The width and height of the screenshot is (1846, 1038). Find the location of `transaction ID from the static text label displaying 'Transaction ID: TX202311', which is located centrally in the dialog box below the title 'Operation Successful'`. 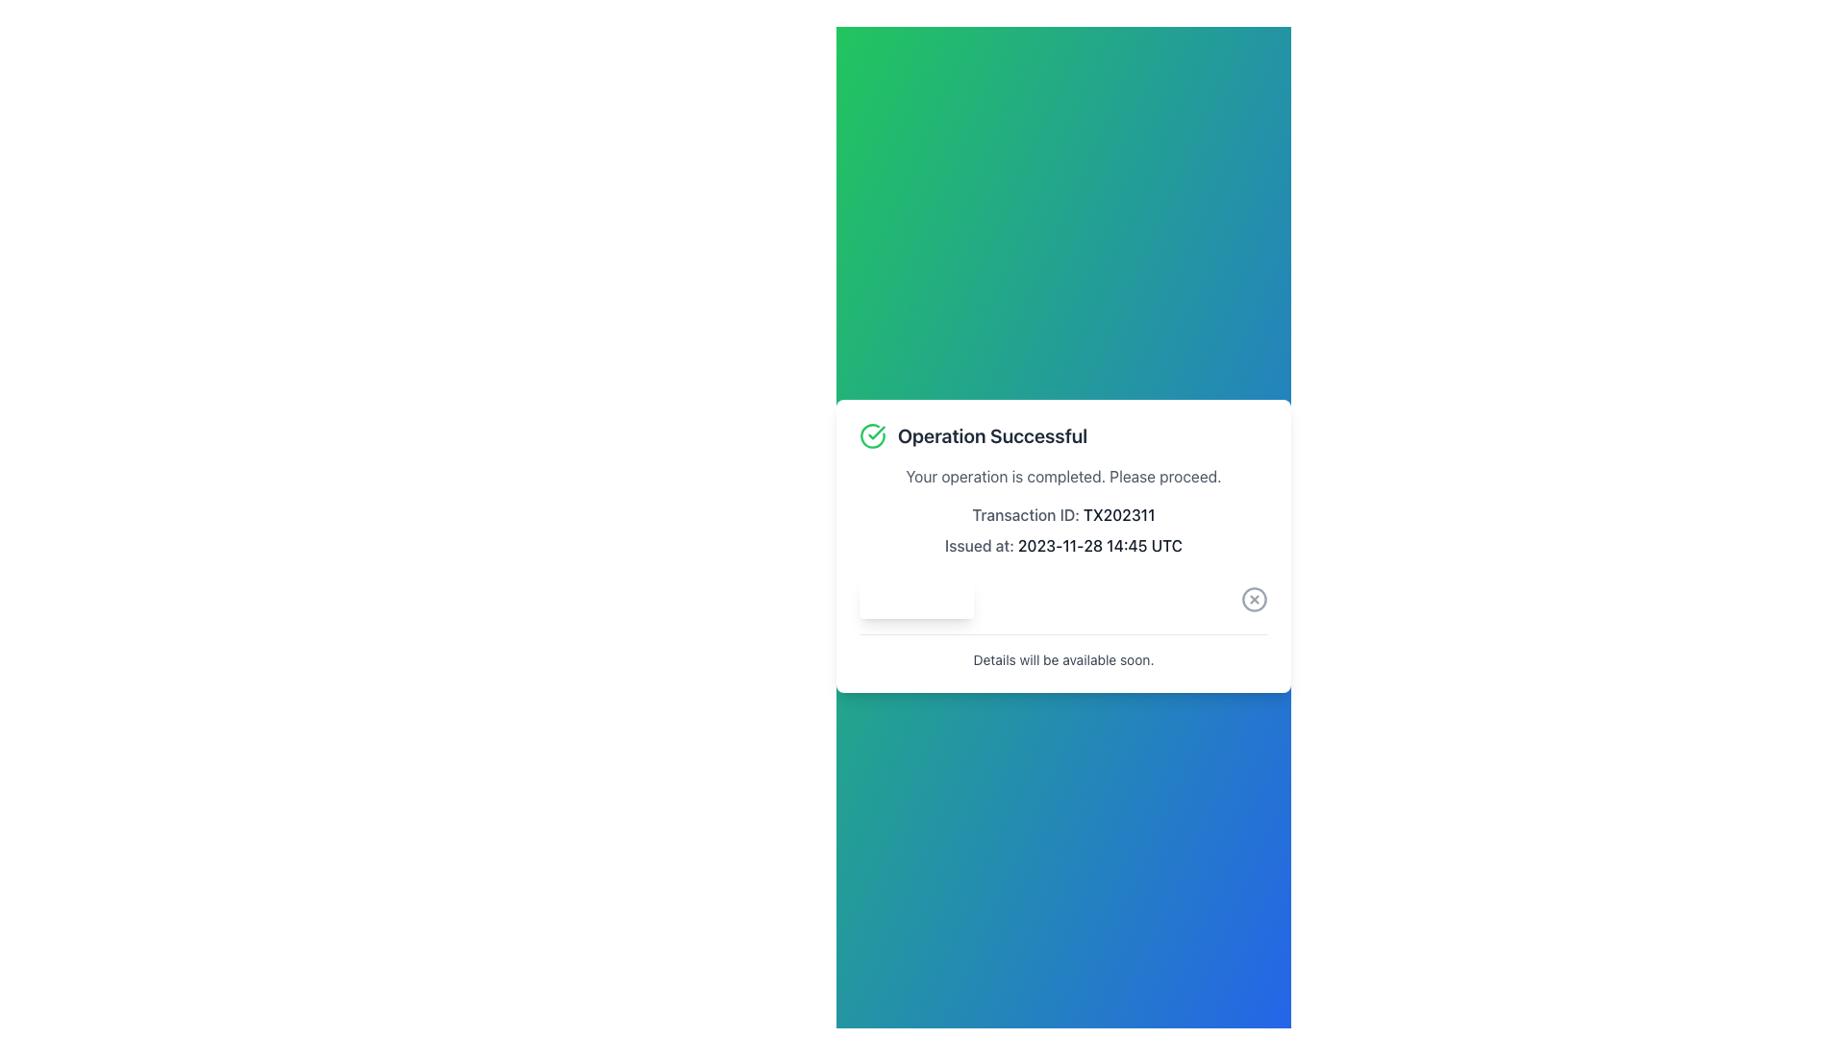

transaction ID from the static text label displaying 'Transaction ID: TX202311', which is located centrally in the dialog box below the title 'Operation Successful' is located at coordinates (1062, 513).